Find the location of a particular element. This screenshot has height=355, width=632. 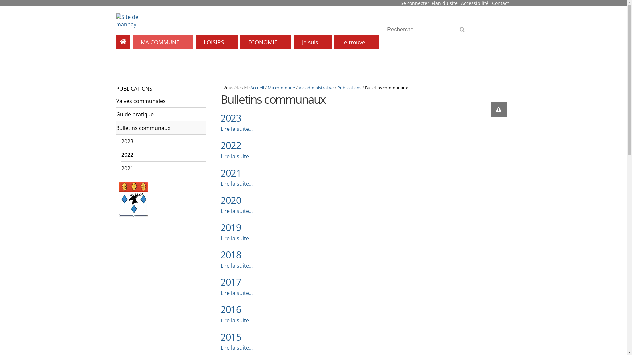

'Rechercher' is located at coordinates (463, 32).